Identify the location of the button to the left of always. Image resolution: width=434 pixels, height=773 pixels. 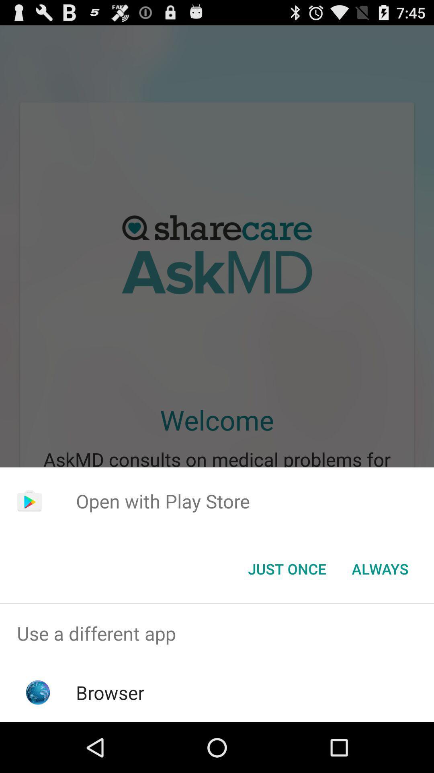
(287, 568).